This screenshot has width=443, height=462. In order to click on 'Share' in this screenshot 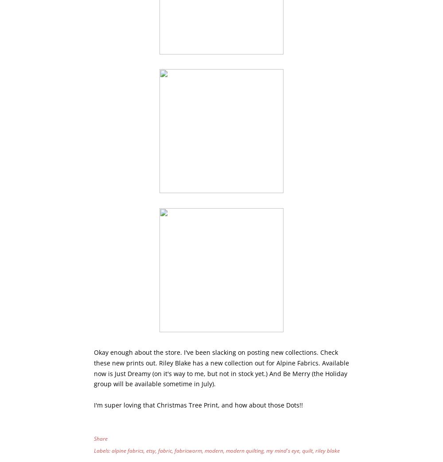, I will do `click(100, 438)`.